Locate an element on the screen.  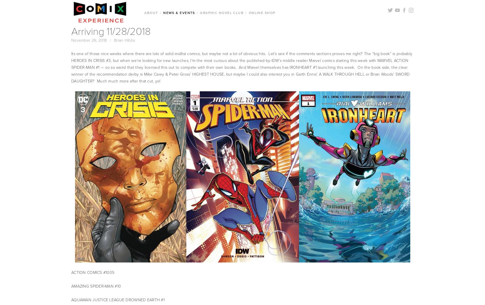
'Arriving 11/28/2018' is located at coordinates (71, 31).